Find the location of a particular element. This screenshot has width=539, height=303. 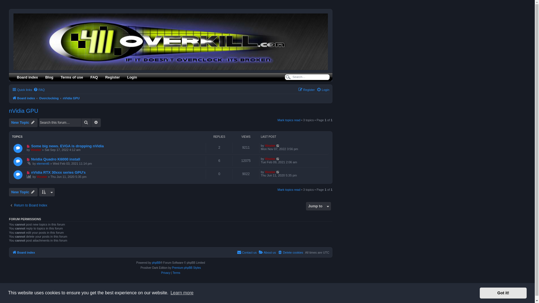

'Some big news. EVGA is dropping nVidia' is located at coordinates (67, 146).